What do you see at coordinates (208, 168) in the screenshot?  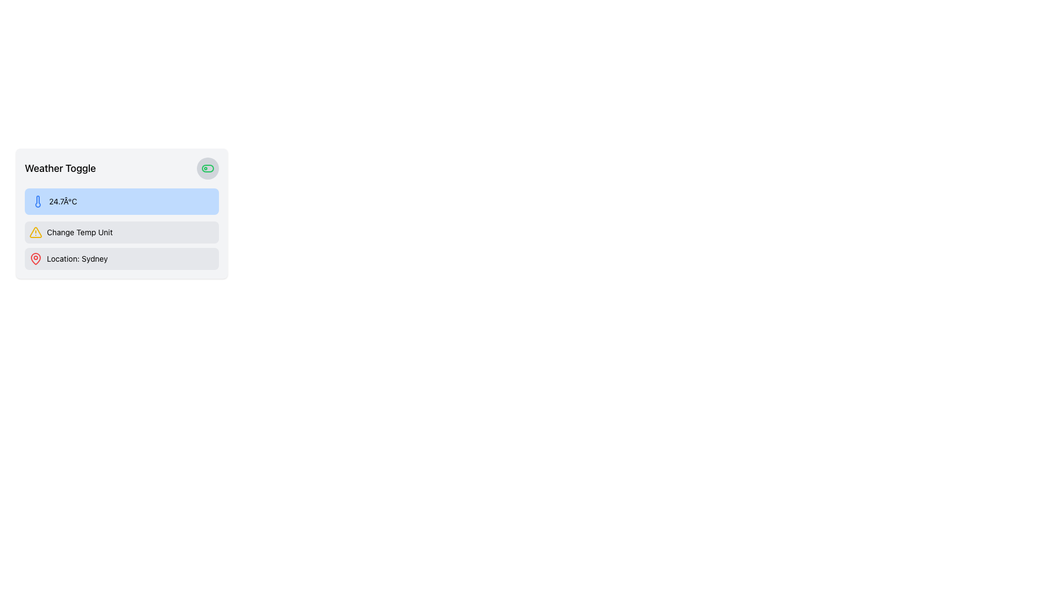 I see `the interactive toggle switch button located in the top-right corner of the 'Weather Toggle' panel` at bounding box center [208, 168].